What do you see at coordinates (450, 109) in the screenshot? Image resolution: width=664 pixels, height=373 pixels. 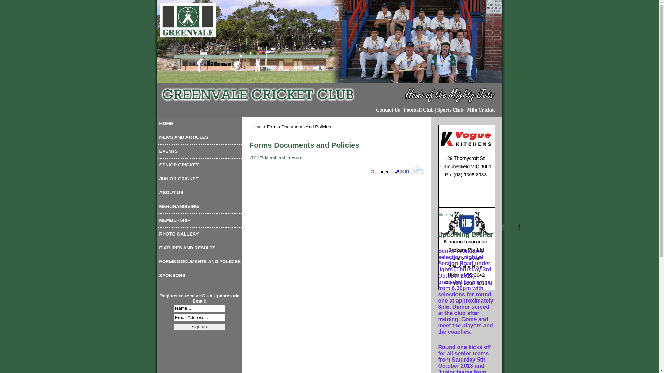 I see `'Sports Club'` at bounding box center [450, 109].